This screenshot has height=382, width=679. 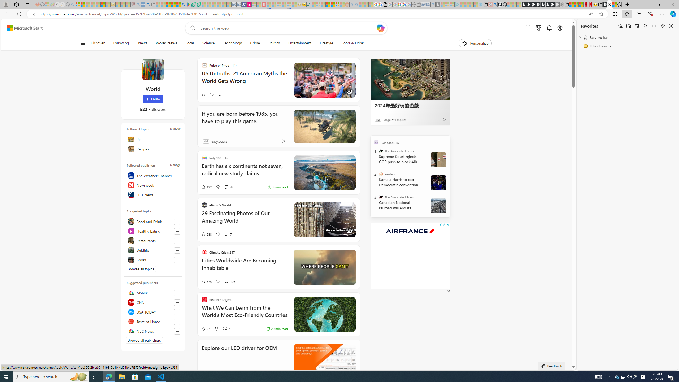 What do you see at coordinates (352, 43) in the screenshot?
I see `'Food & Drink'` at bounding box center [352, 43].